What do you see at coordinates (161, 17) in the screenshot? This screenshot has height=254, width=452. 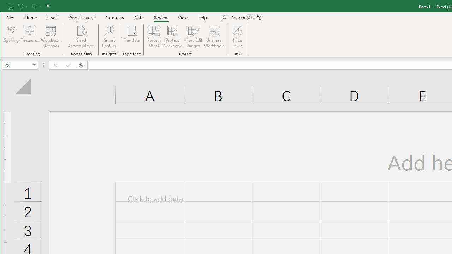 I see `'Review'` at bounding box center [161, 17].